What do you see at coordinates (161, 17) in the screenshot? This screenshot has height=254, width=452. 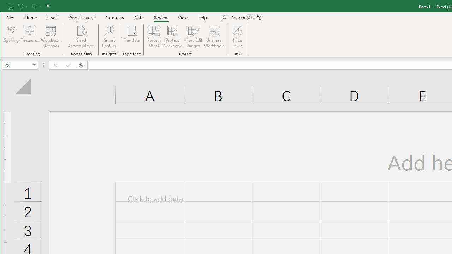 I see `'Review'` at bounding box center [161, 17].